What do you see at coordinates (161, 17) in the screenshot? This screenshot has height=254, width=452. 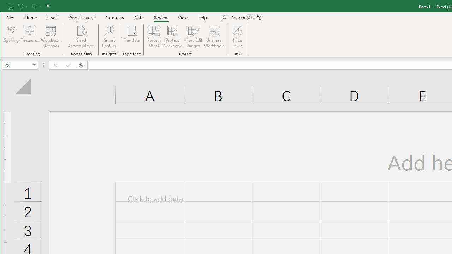 I see `'Review'` at bounding box center [161, 17].